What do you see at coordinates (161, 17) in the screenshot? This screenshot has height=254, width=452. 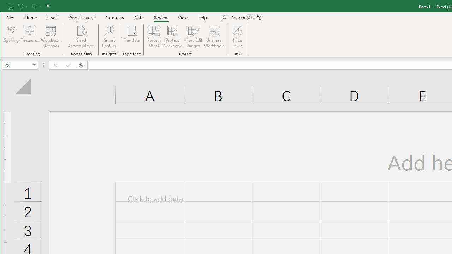 I see `'Review'` at bounding box center [161, 17].